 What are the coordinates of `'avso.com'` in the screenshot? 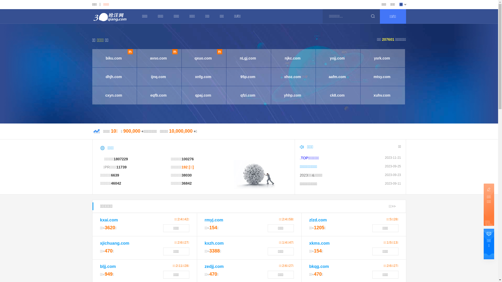 It's located at (158, 58).